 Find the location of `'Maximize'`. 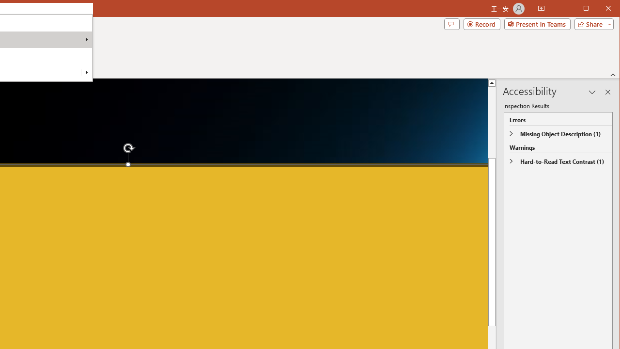

'Maximize' is located at coordinates (600, 9).